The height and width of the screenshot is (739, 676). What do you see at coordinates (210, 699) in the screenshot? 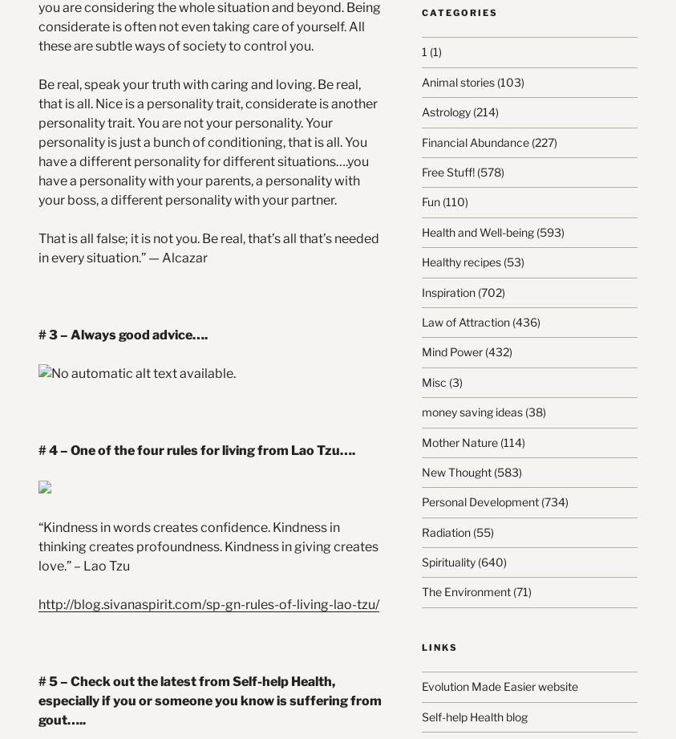
I see `'# 5 – Check out the latest from Self-help Health, especially if you or someone you know is suffering from gout…..'` at bounding box center [210, 699].